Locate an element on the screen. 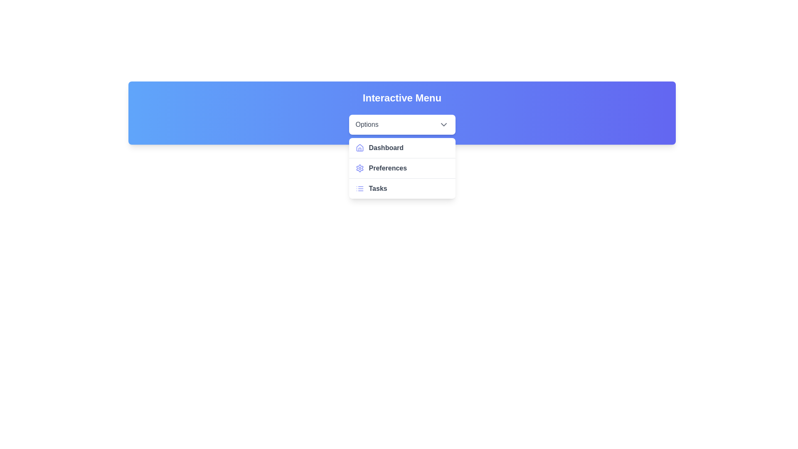 This screenshot has height=449, width=798. the 'Tasks' text label in the dropdown menu is located at coordinates (377, 189).